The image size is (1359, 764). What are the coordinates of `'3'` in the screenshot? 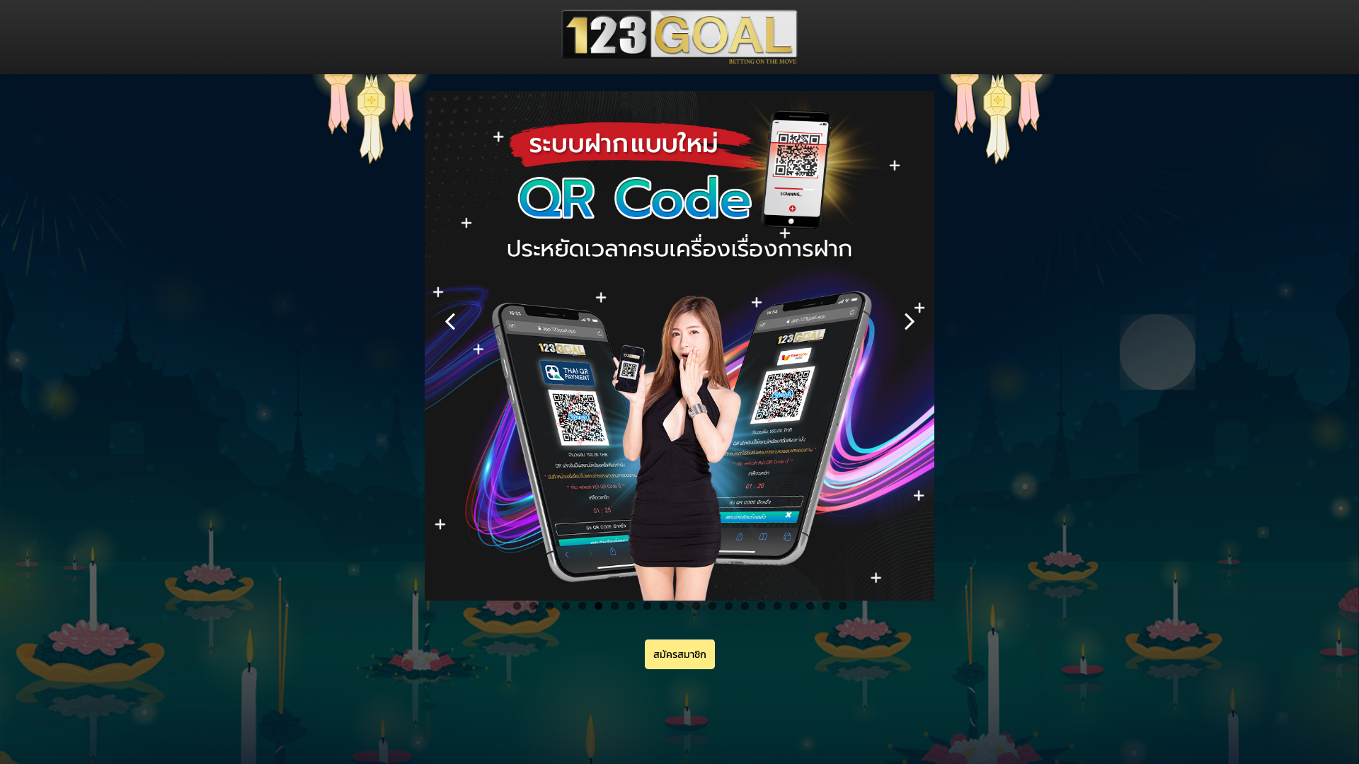 It's located at (548, 605).